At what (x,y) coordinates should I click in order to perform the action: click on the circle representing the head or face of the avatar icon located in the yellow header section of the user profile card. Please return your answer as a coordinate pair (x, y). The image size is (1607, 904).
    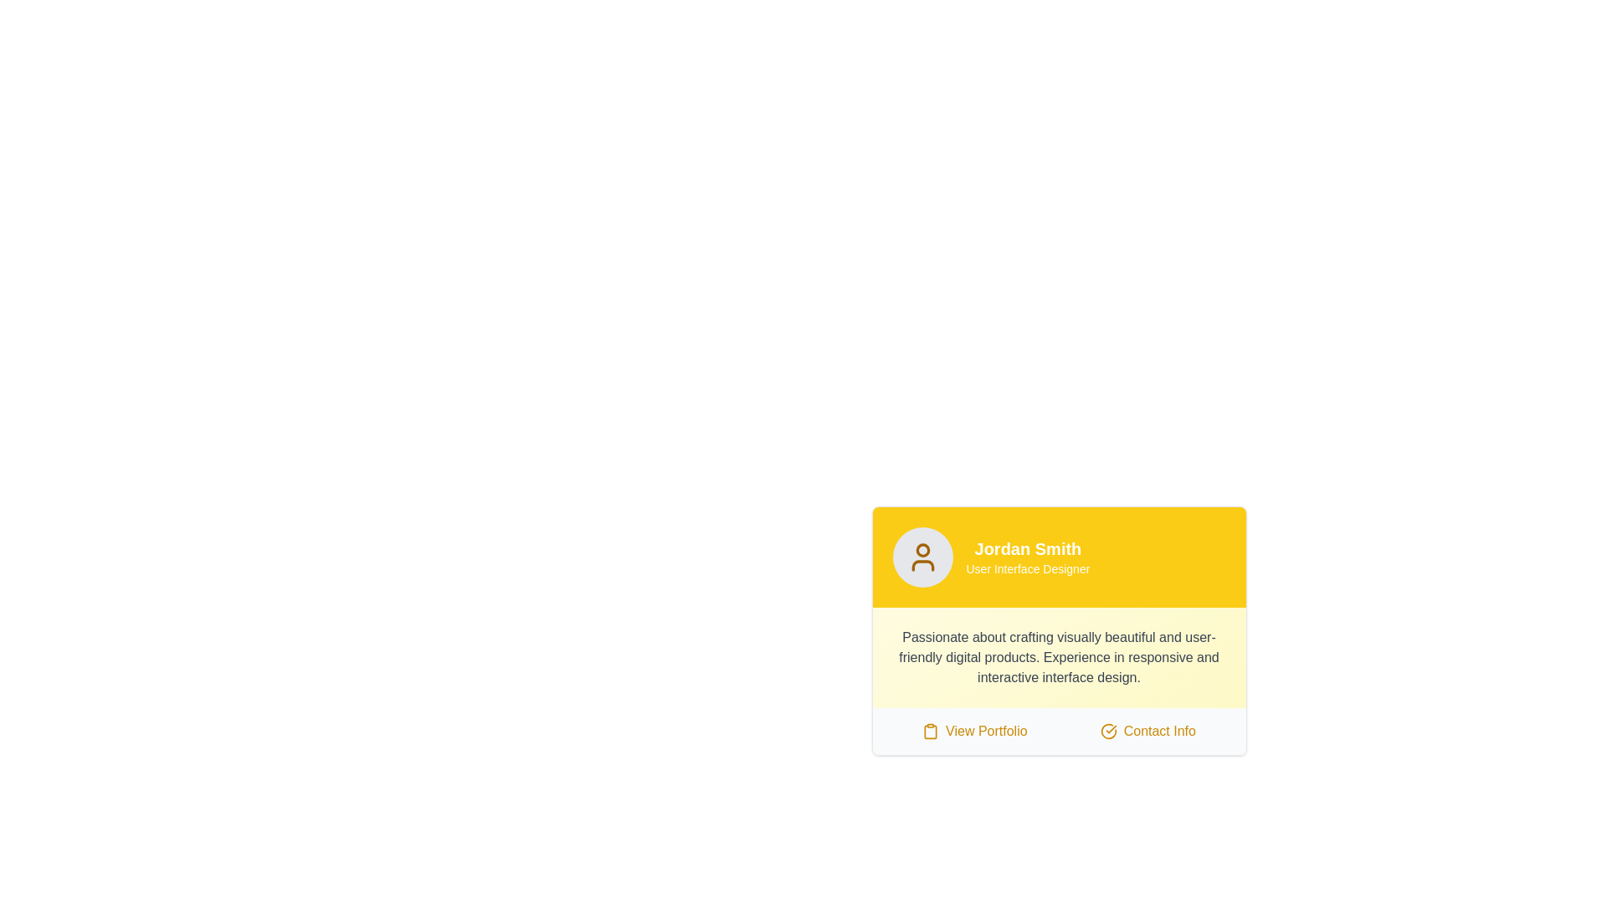
    Looking at the image, I should click on (922, 550).